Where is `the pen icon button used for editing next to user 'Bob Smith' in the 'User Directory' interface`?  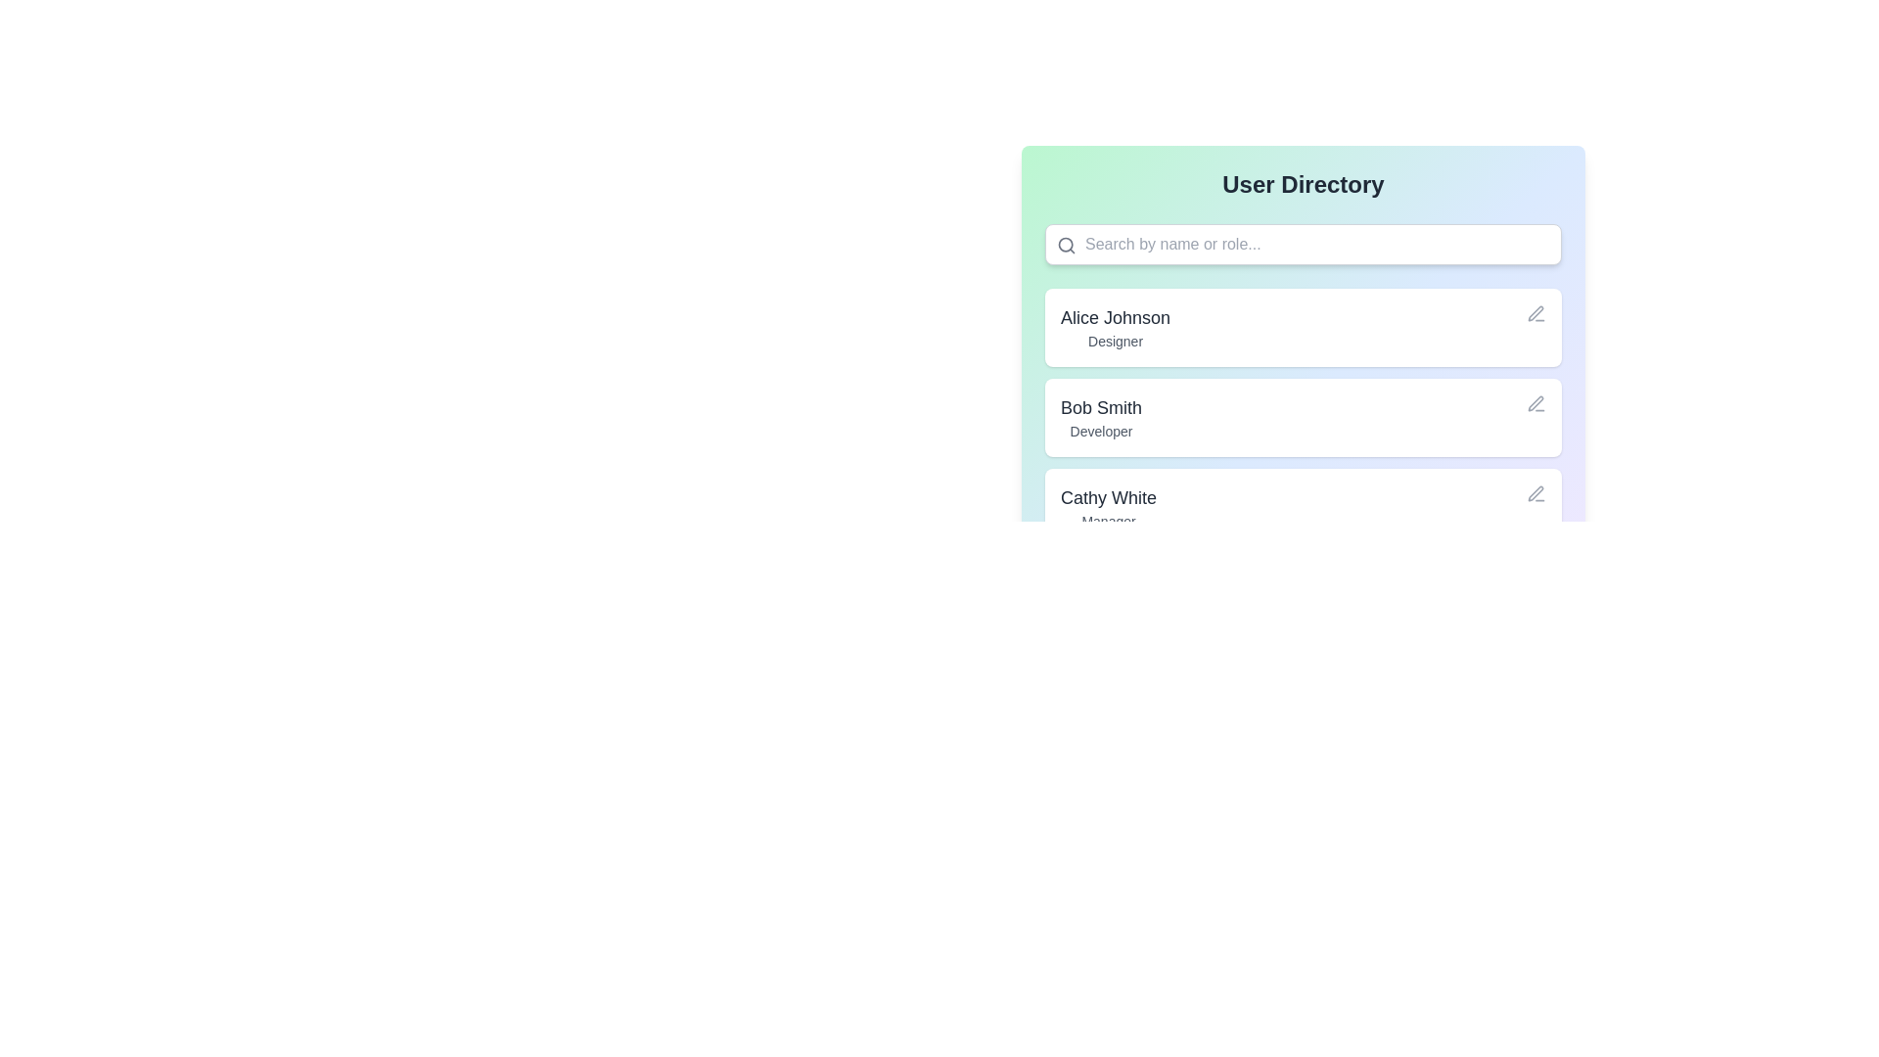
the pen icon button used for editing next to user 'Bob Smith' in the 'User Directory' interface is located at coordinates (1535, 312).